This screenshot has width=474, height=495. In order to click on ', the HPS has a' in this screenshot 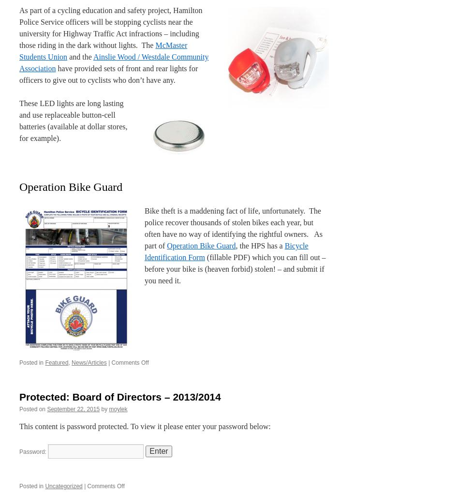, I will do `click(260, 245)`.